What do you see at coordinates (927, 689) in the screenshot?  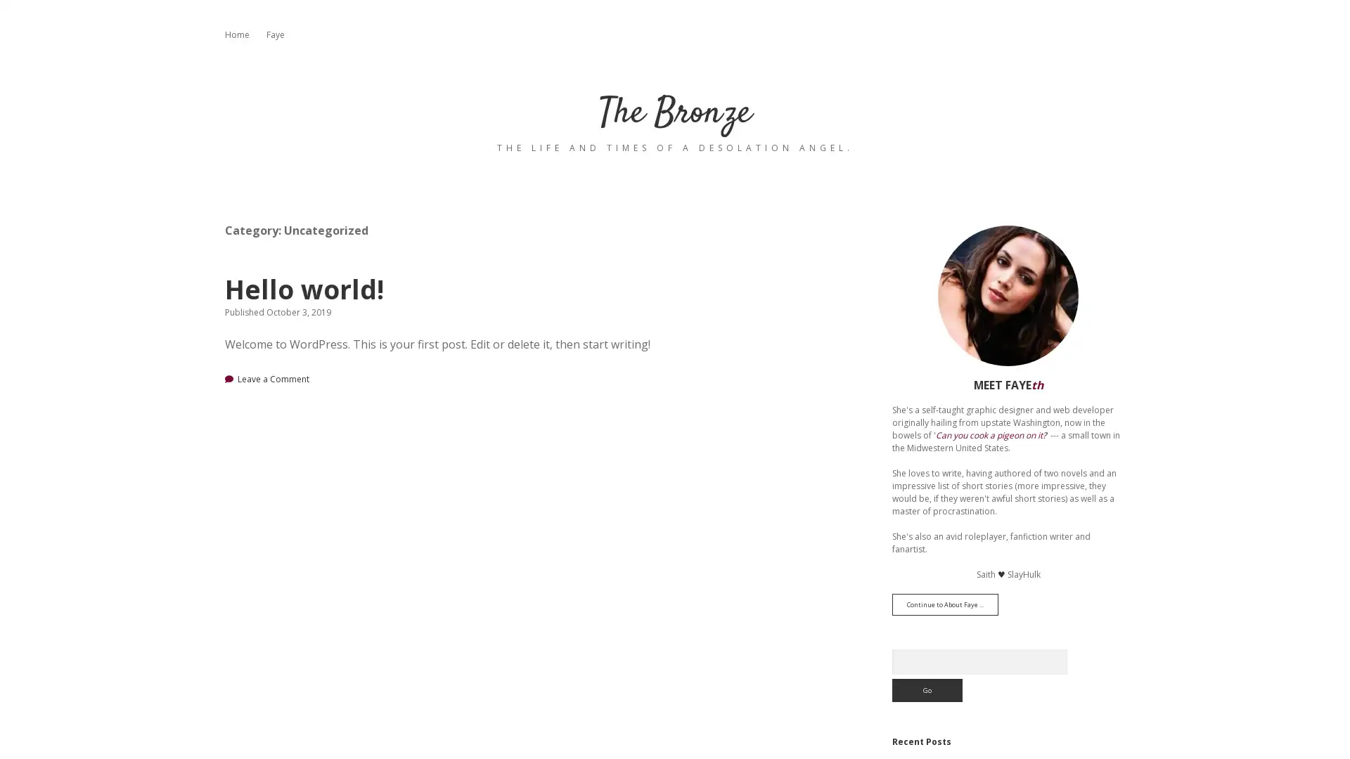 I see `Go` at bounding box center [927, 689].